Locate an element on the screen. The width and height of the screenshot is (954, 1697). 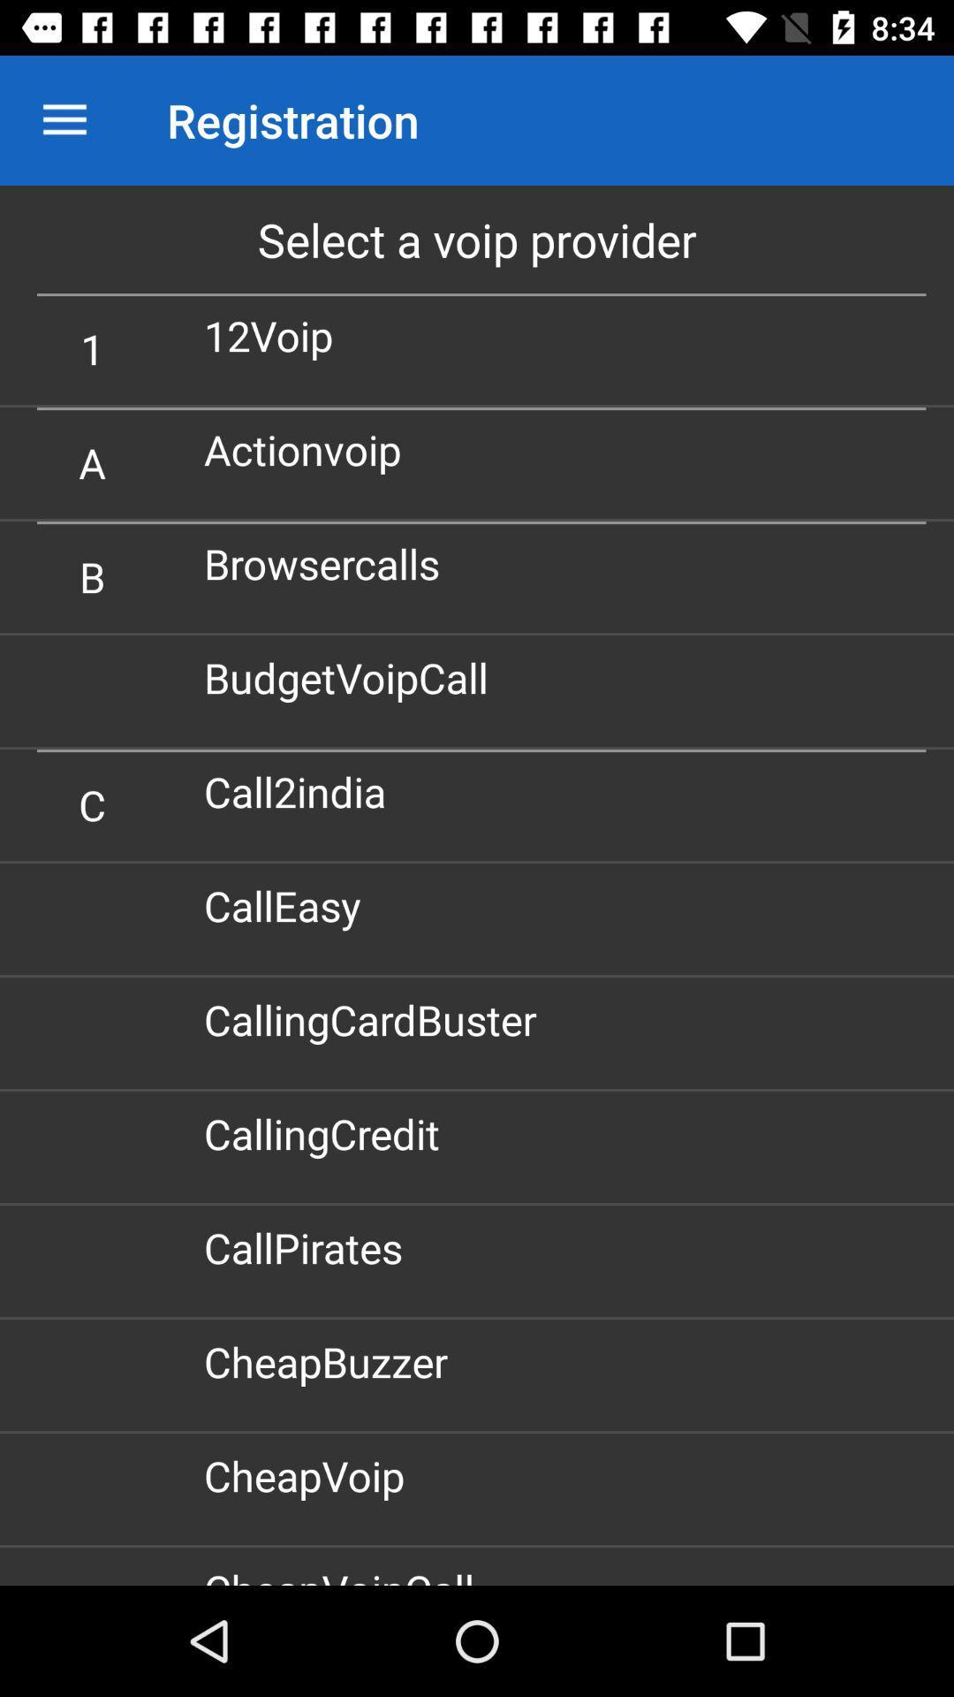
the icon below cheapvoip icon is located at coordinates (345, 1573).